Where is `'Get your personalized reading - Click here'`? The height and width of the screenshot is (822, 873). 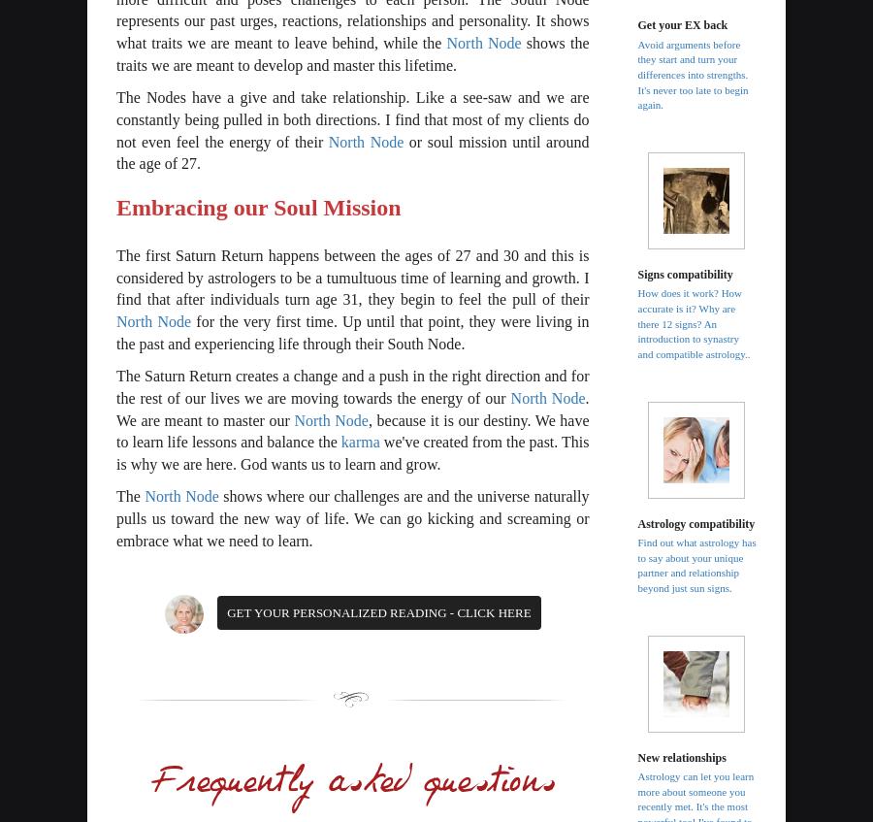 'Get your personalized reading - Click here' is located at coordinates (226, 611).